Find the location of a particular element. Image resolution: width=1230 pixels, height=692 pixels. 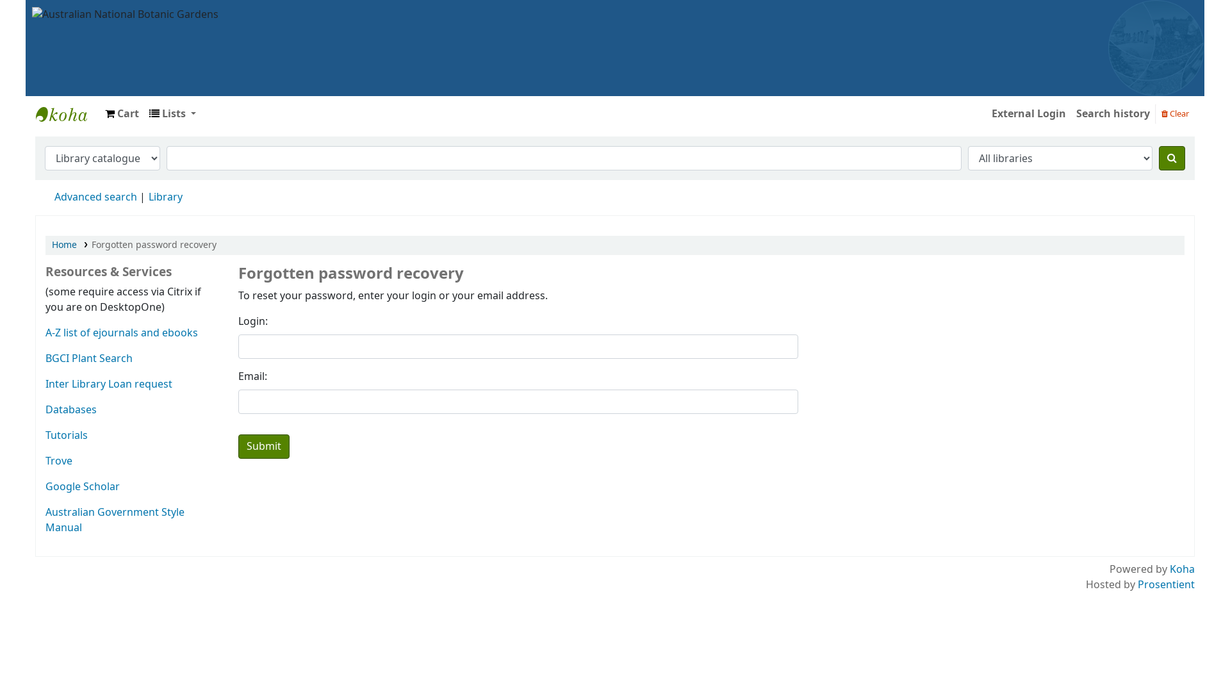

'Advanced search' is located at coordinates (54, 197).